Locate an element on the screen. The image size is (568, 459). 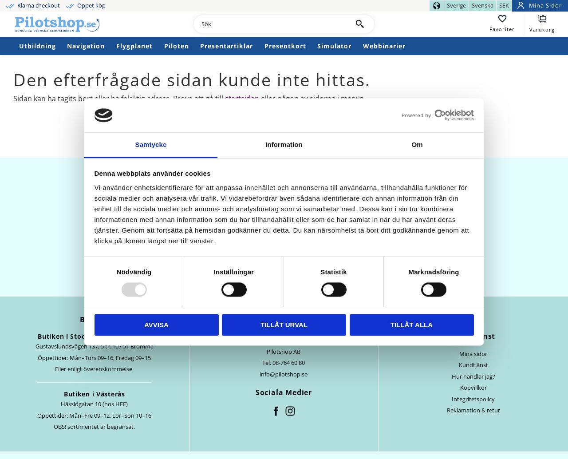
'Butiken i Stockholm/Alvik Strand' is located at coordinates (37, 336).